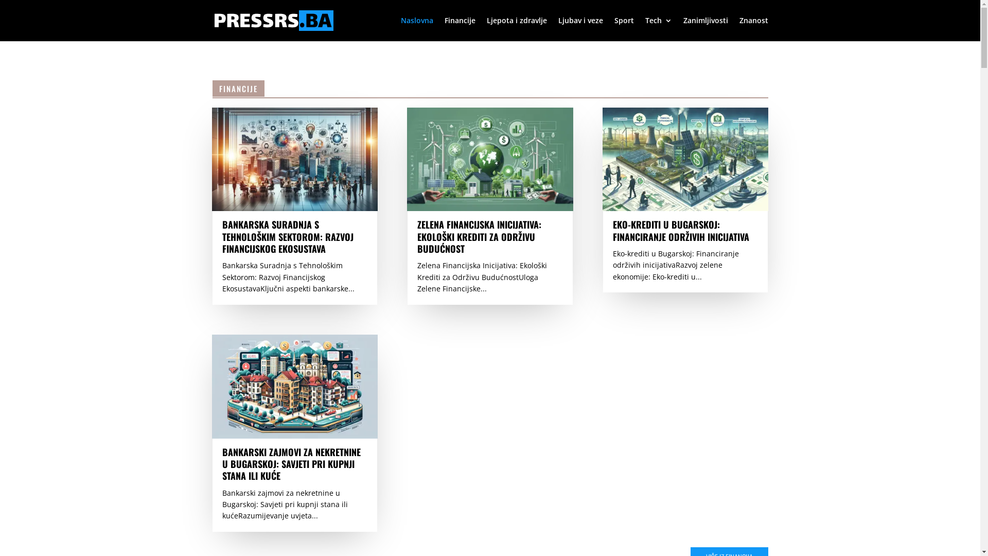 The width and height of the screenshot is (988, 556). I want to click on 'Znanost', so click(738, 28).